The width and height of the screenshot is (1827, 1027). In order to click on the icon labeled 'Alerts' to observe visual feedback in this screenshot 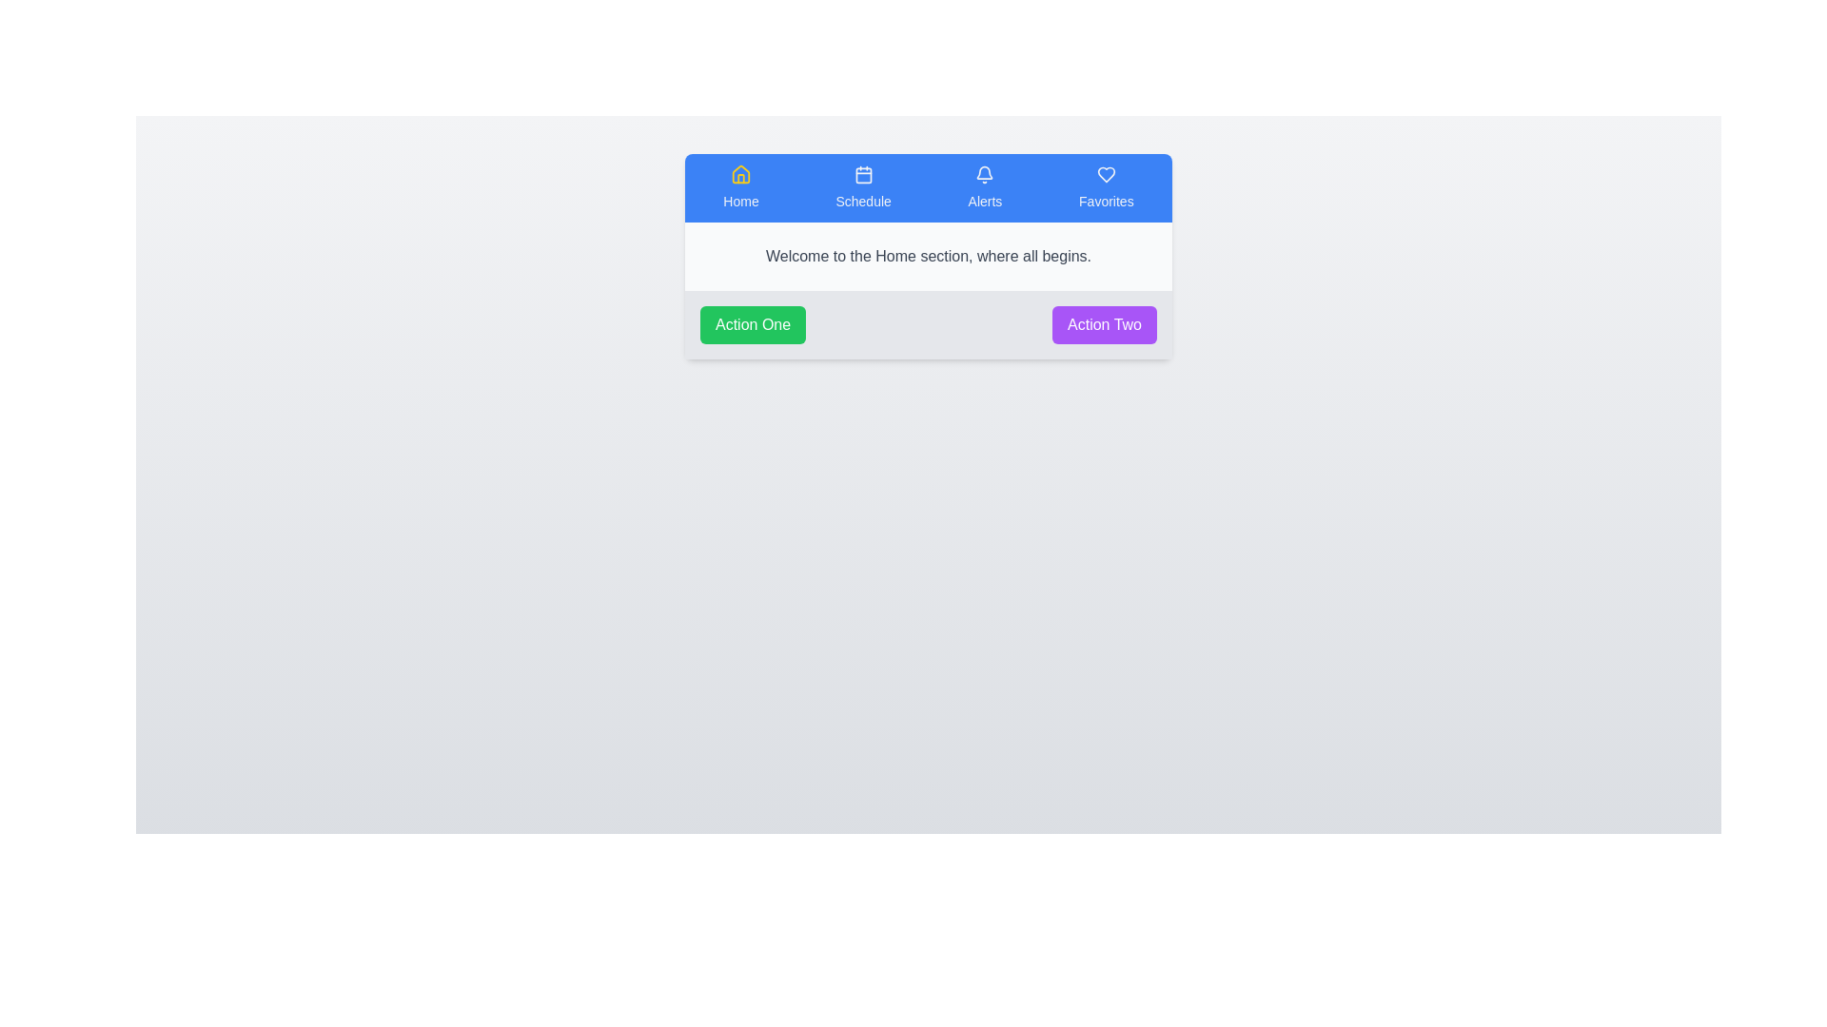, I will do `click(985, 187)`.